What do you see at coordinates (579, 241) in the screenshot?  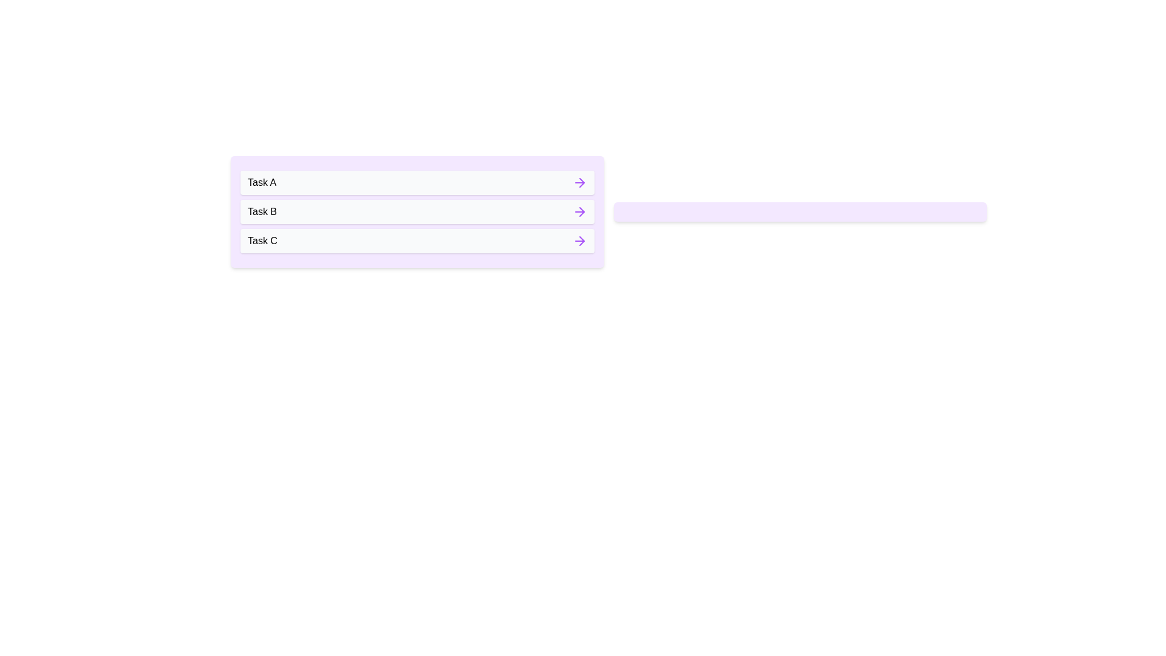 I see `arrow button next to the task labeled 'Task C' to transfer it to the scheduled list` at bounding box center [579, 241].